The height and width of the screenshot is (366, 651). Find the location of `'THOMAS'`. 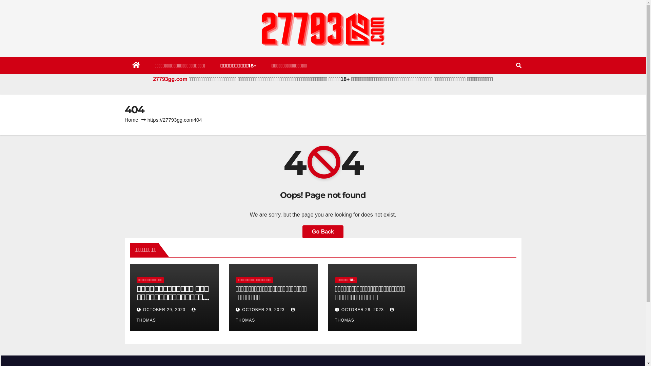

'THOMAS' is located at coordinates (365, 315).